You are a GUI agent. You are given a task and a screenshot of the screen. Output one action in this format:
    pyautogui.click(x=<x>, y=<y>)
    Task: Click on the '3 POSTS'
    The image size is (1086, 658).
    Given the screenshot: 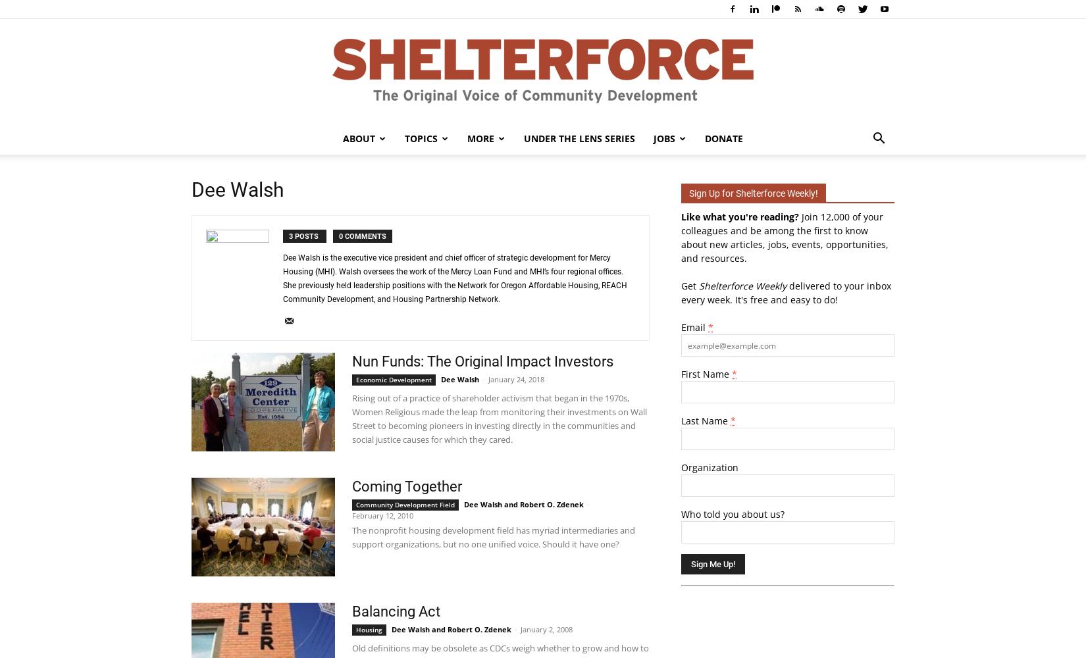 What is the action you would take?
    pyautogui.click(x=303, y=236)
    